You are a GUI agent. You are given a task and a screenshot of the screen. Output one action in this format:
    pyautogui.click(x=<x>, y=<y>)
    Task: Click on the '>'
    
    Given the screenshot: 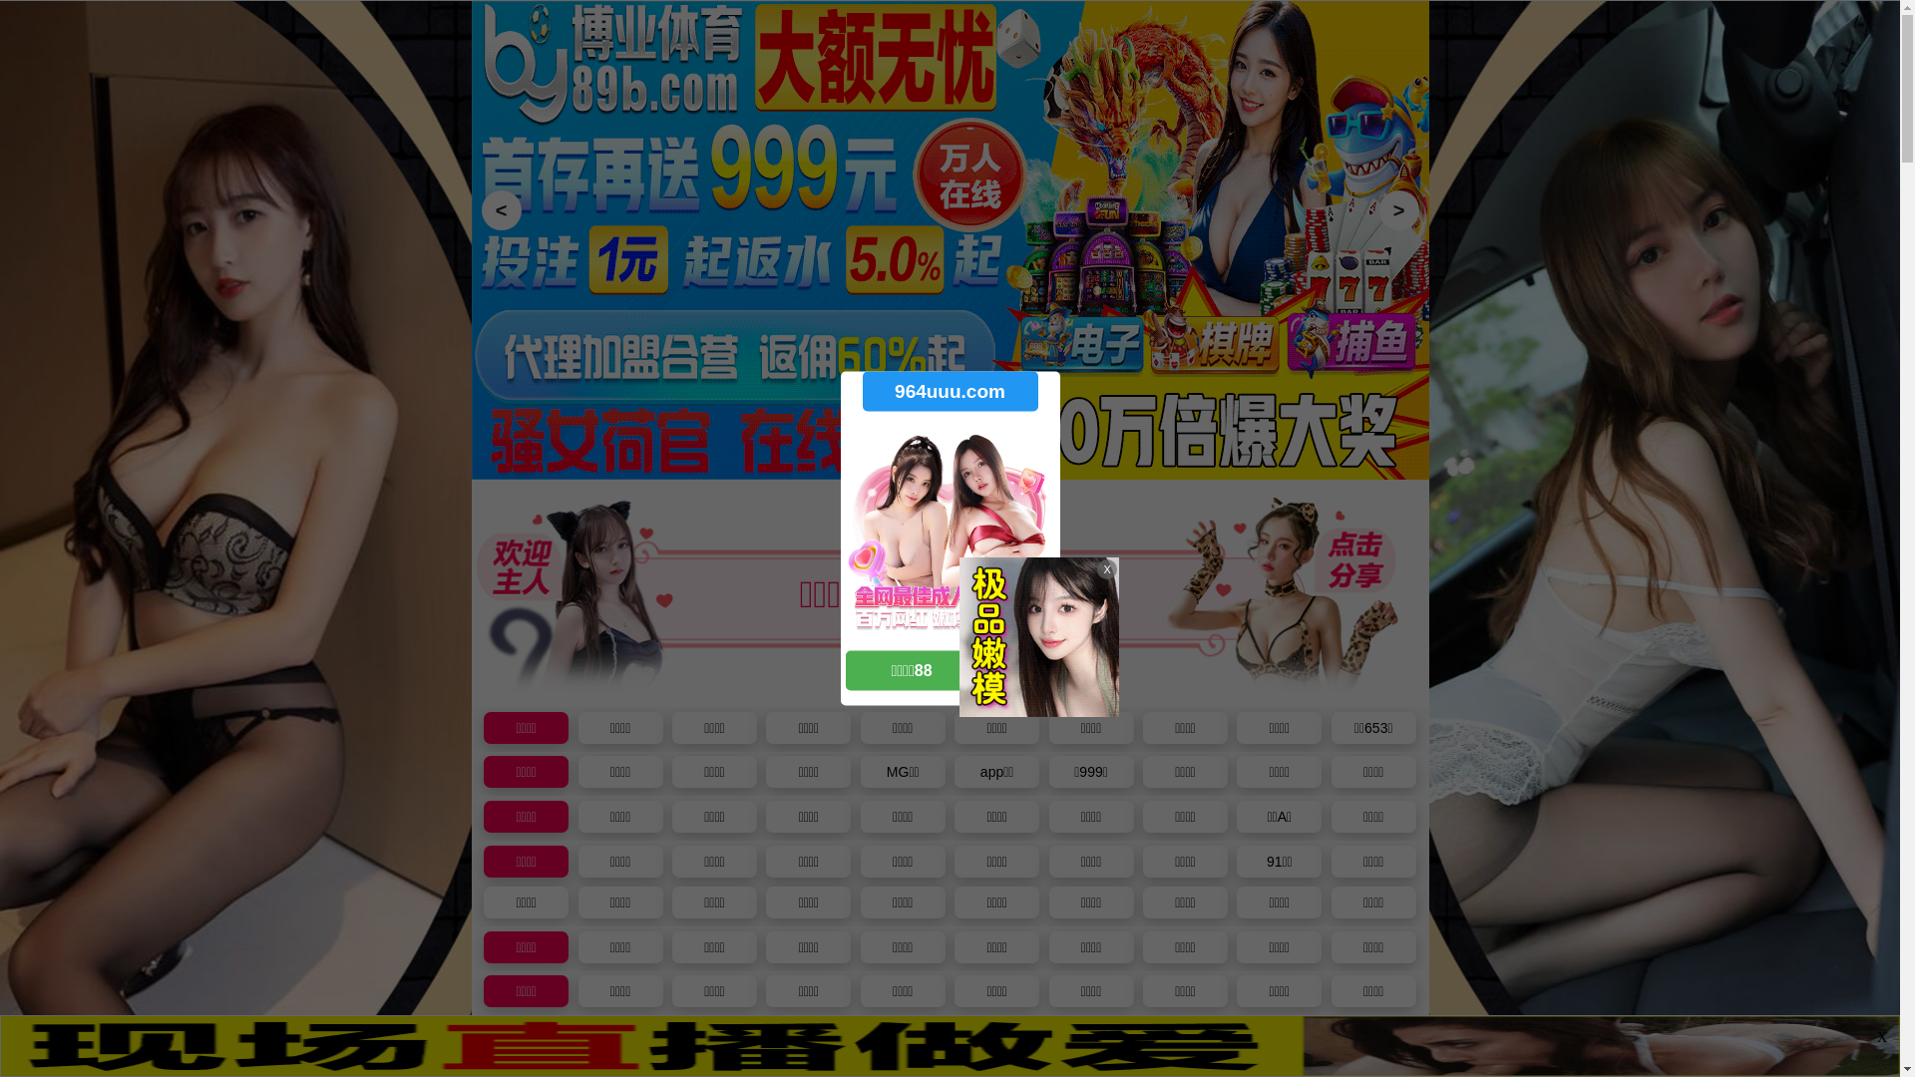 What is the action you would take?
    pyautogui.click(x=1396, y=210)
    